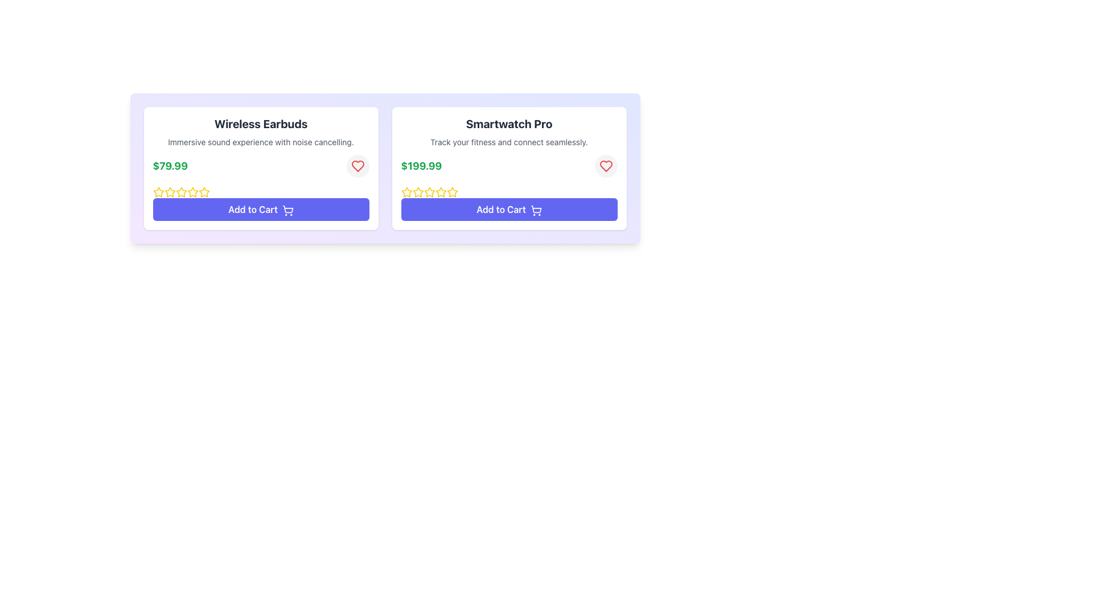 The image size is (1093, 615). Describe the element at coordinates (508, 142) in the screenshot. I see `descriptive text element located beneath the product title 'Smartwatch Pro' in the right section of the product grid` at that location.